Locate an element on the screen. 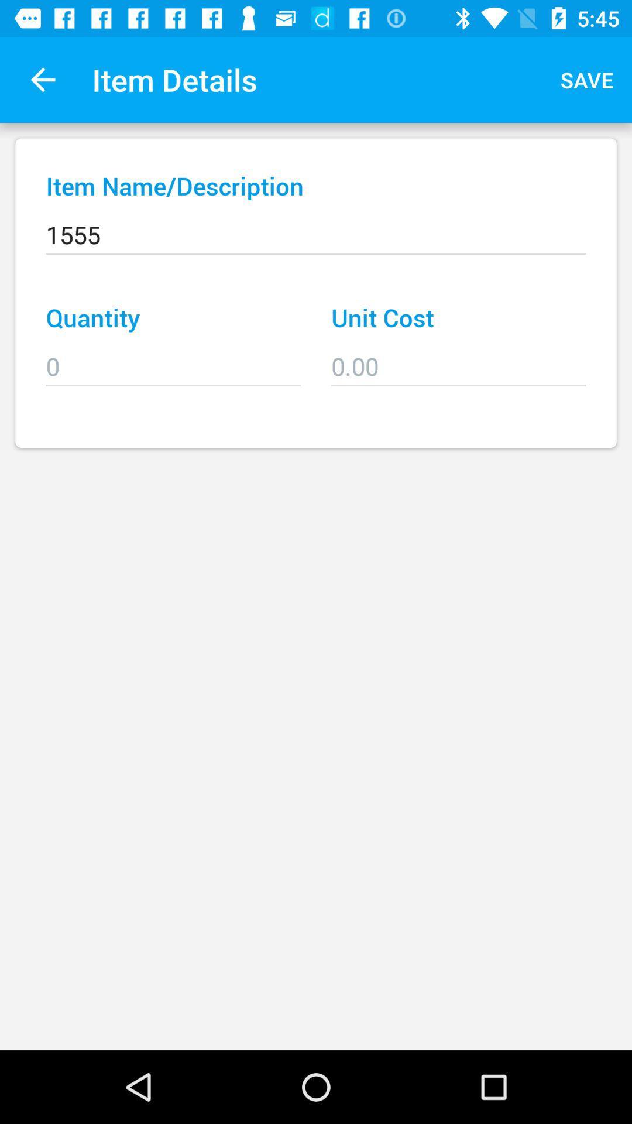 The width and height of the screenshot is (632, 1124). the icon to the left of the unit cost is located at coordinates (173, 358).